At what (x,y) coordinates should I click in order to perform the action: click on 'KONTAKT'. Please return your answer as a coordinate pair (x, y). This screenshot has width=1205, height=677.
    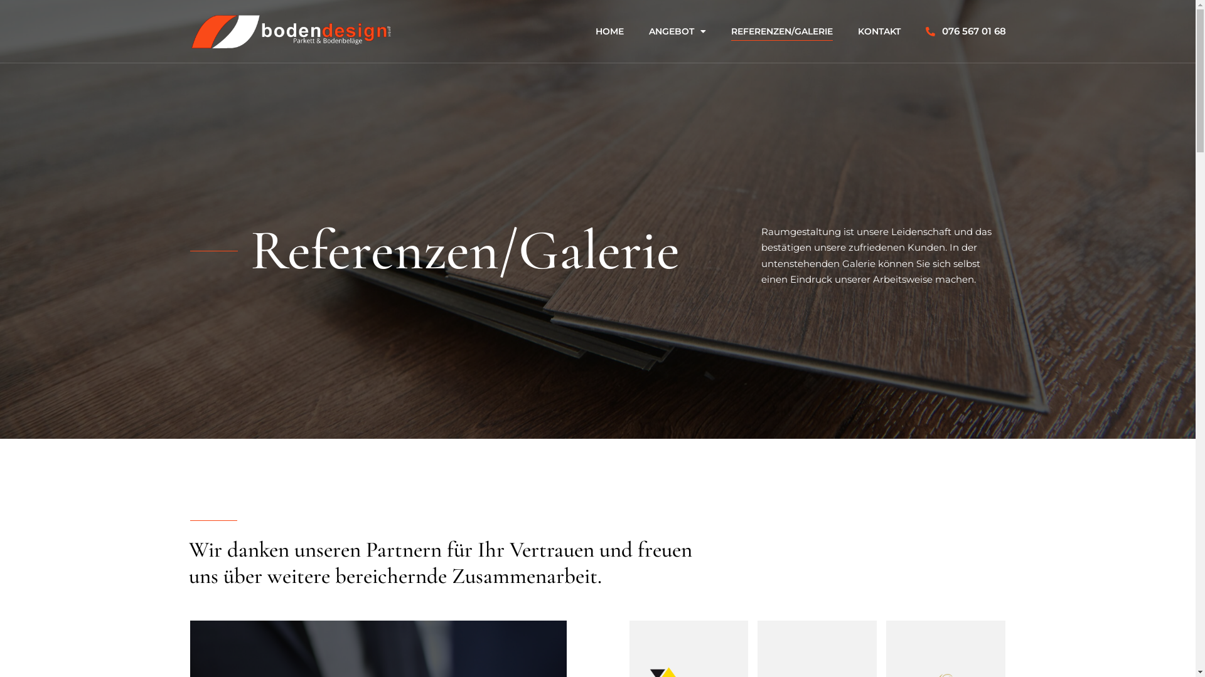
    Looking at the image, I should click on (857, 31).